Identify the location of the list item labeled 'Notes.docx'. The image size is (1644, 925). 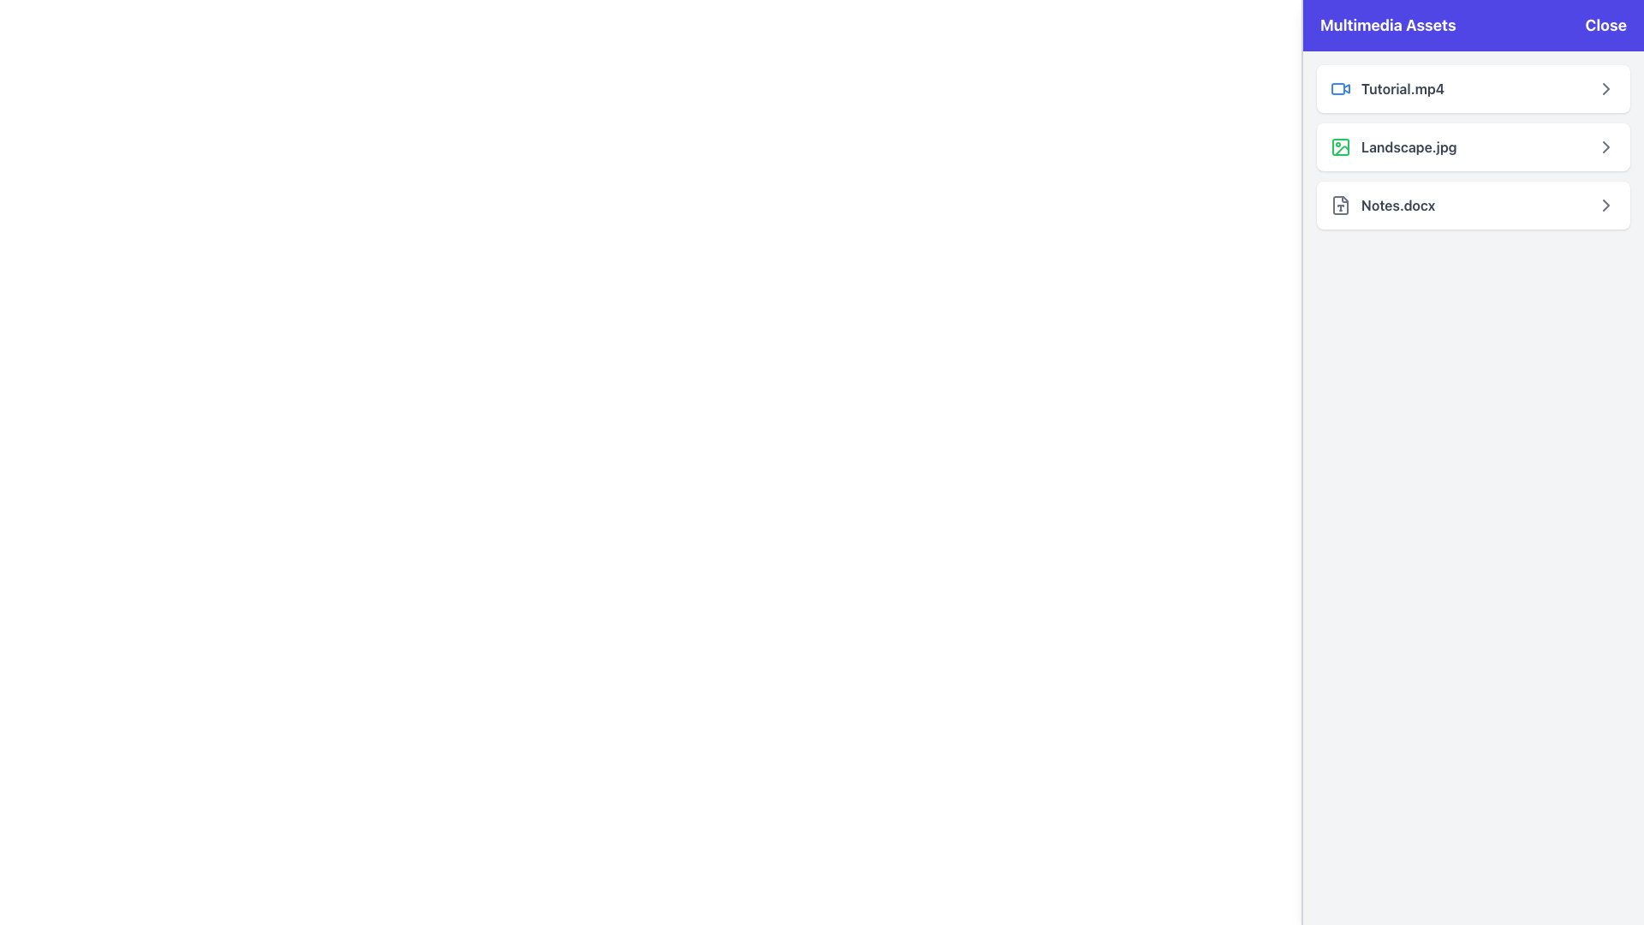
(1382, 204).